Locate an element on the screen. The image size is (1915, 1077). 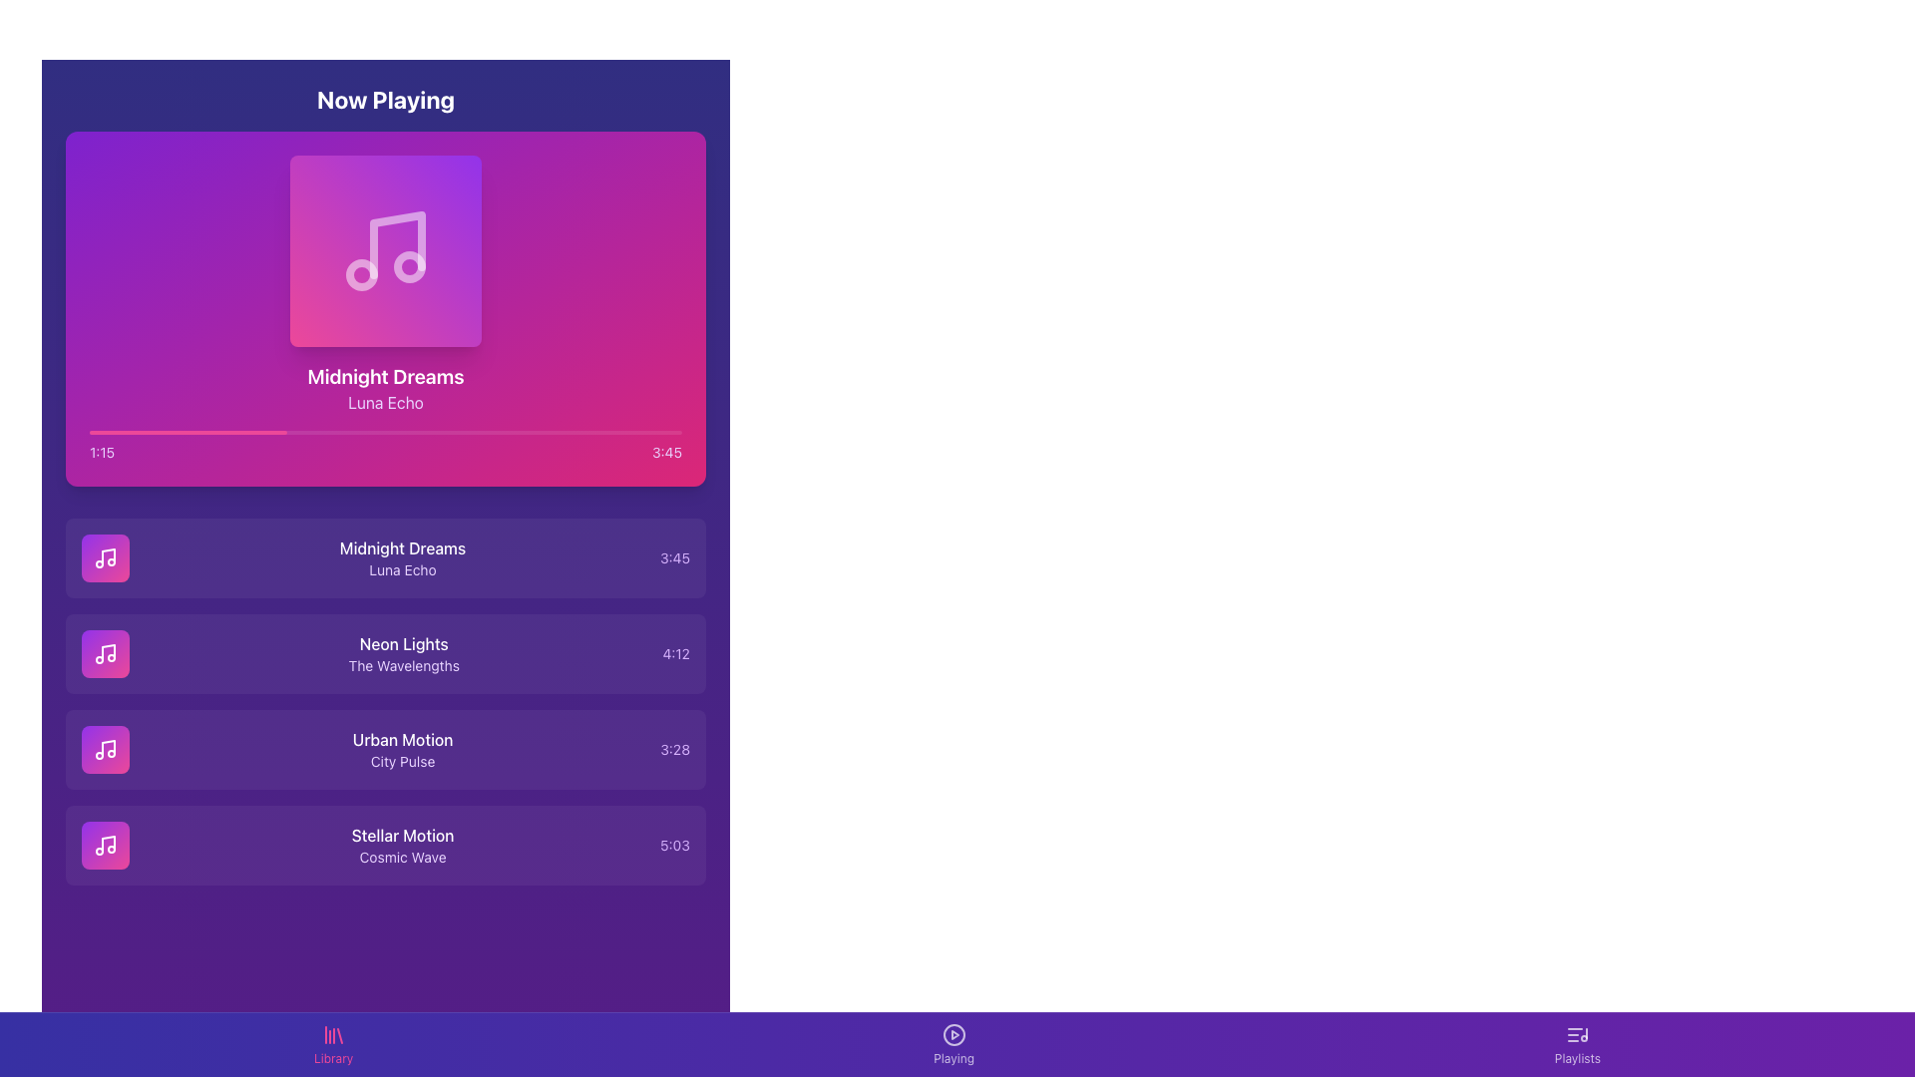
the fourth item in the playlist titled 'Stellar Motion' which has a purple background and contains a music note icon, two lines of text, and a duration on the right is located at coordinates (386, 846).